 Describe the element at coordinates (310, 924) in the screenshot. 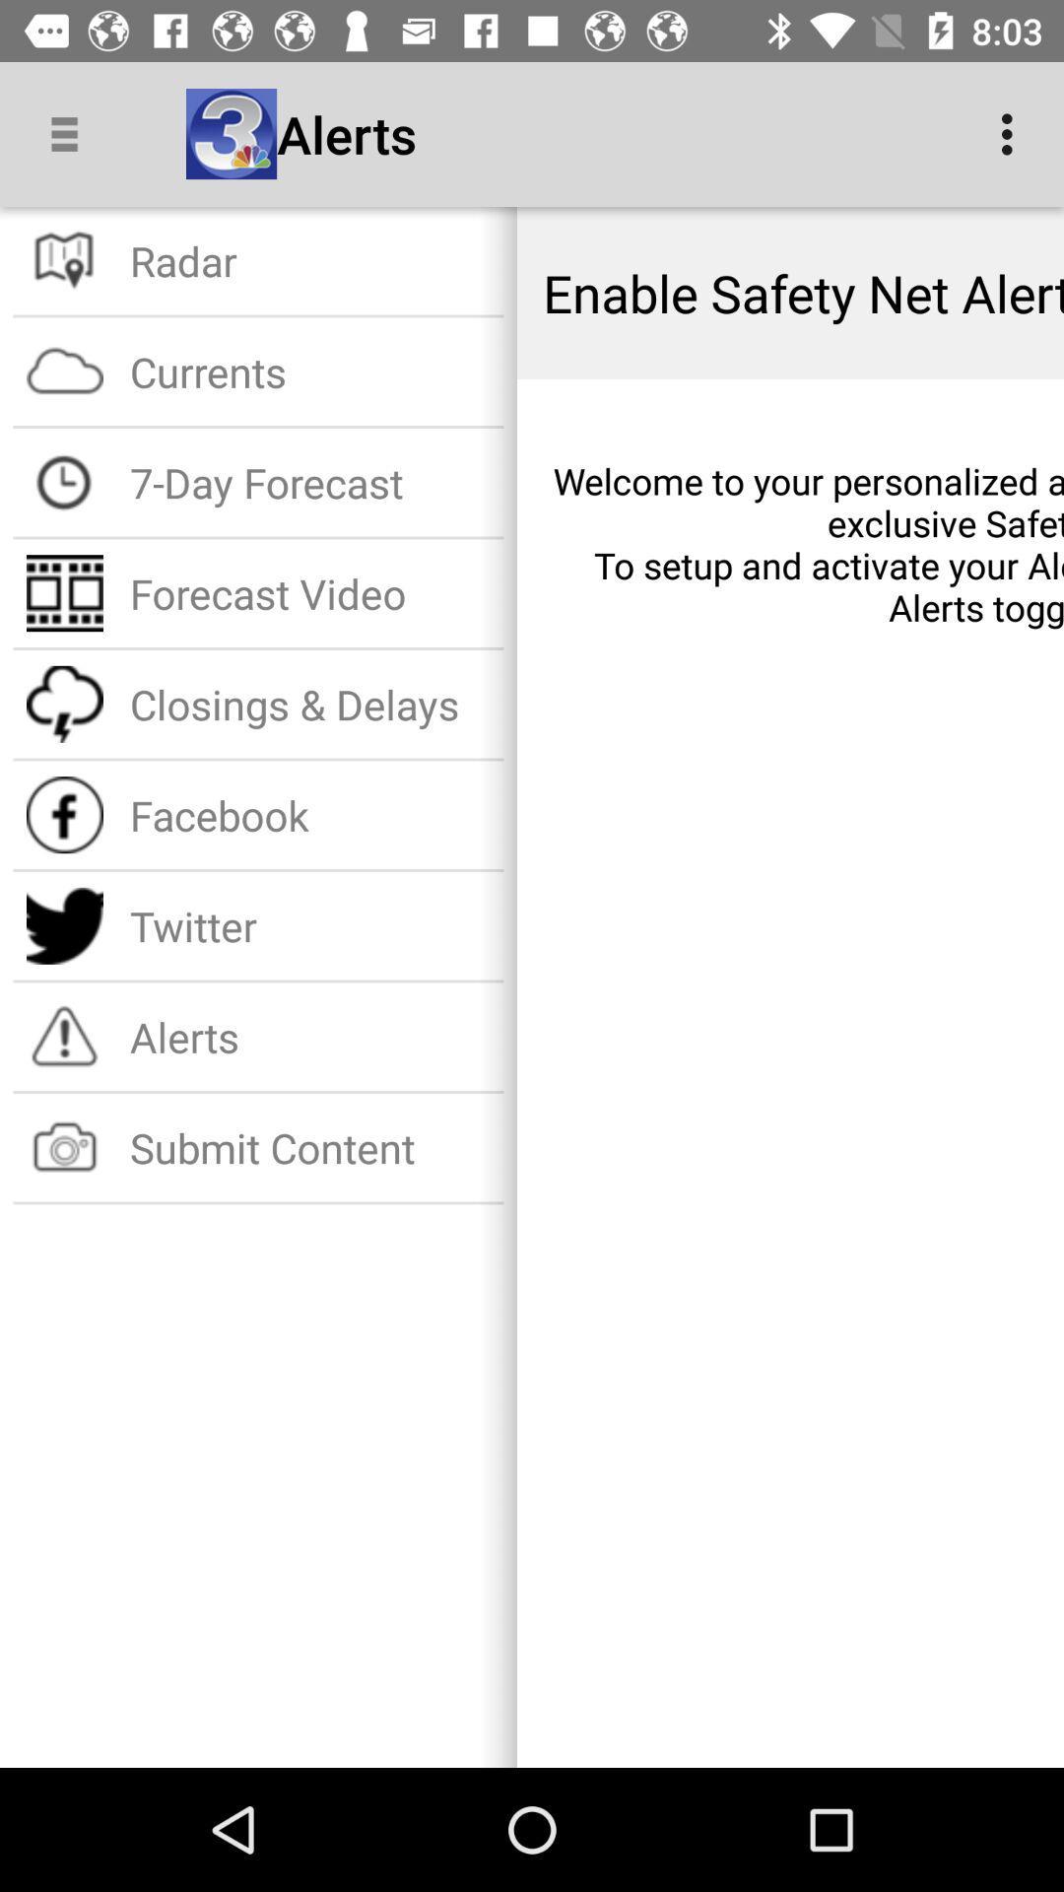

I see `icon above the alerts item` at that location.